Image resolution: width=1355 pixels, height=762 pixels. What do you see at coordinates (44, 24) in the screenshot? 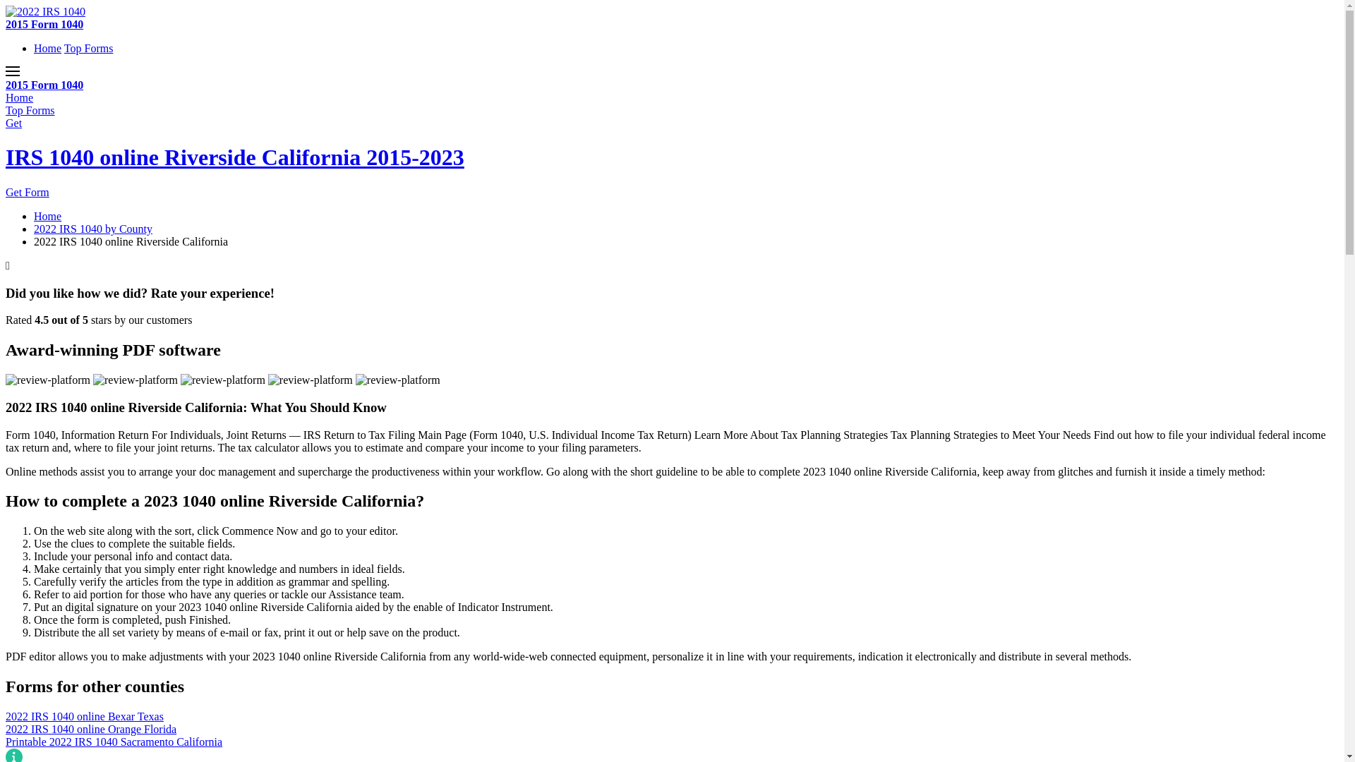
I see `'2015 Form 1040'` at bounding box center [44, 24].